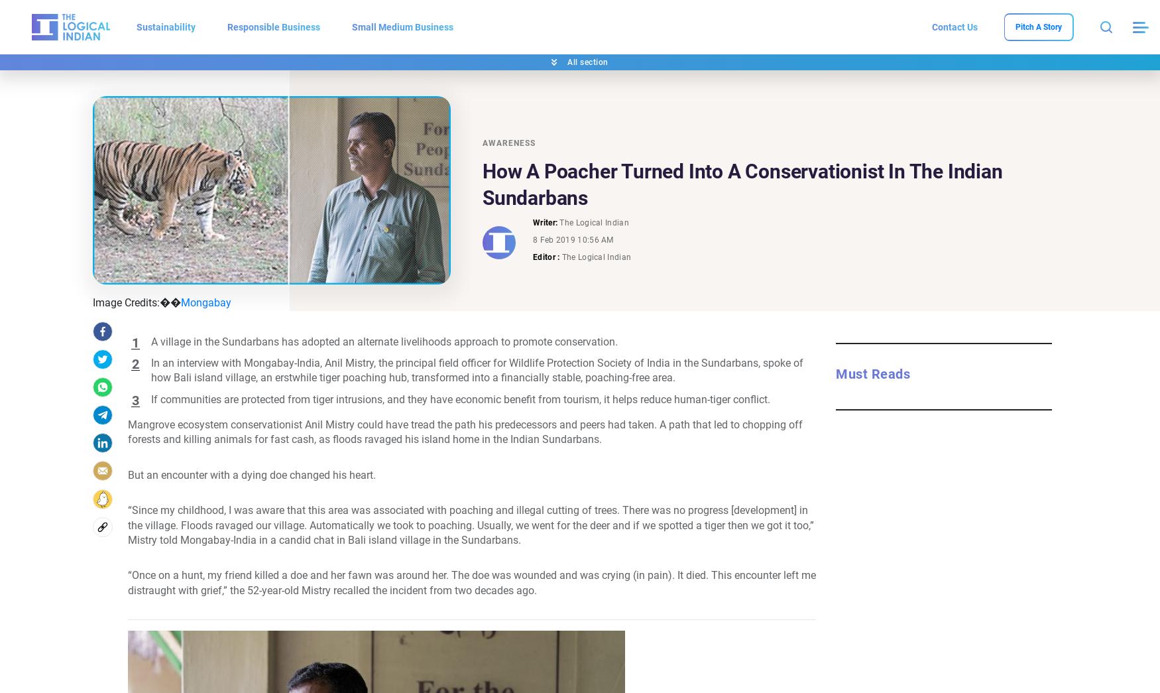  I want to click on '“Once on a hunt, my friend killed a doe and her fawn was around her. The doe was wounded and was crying (in pain). It died. This encounter left me distraught with grief,” the 52-year-old Mistry recalled the incident from two decades ago.', so click(472, 582).